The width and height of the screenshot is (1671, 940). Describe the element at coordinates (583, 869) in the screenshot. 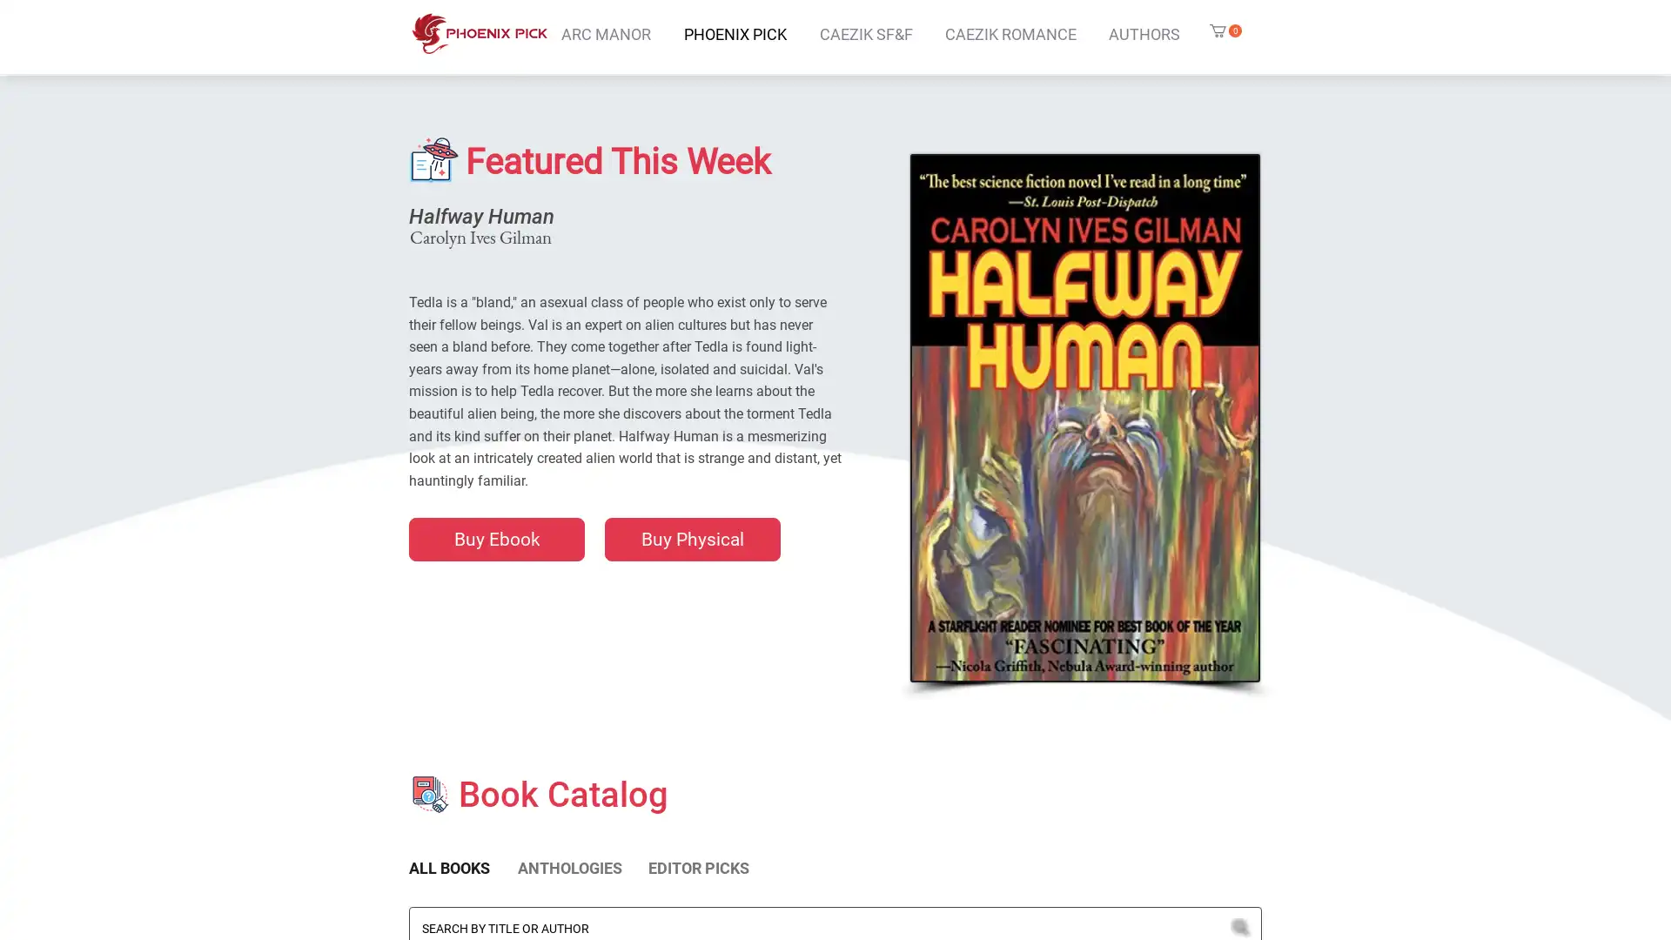

I see `ANTHOLOGIES` at that location.